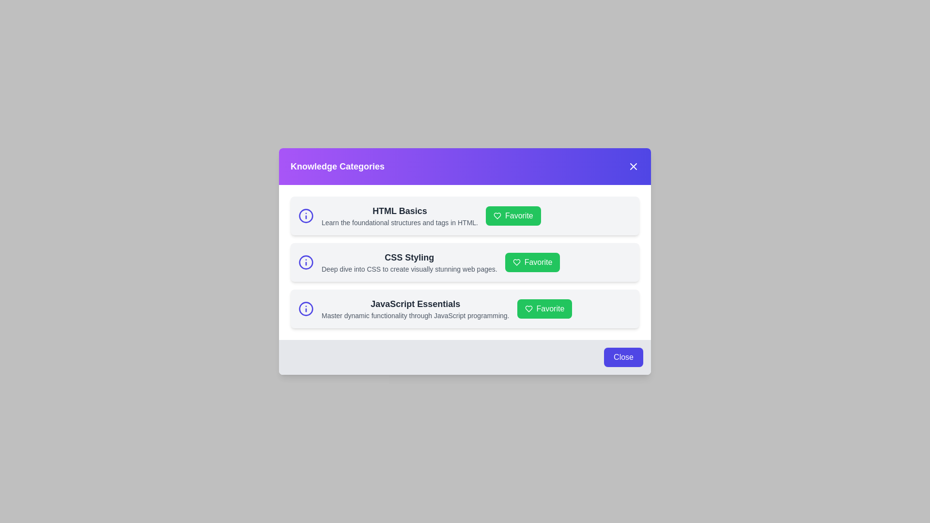 The image size is (930, 523). I want to click on the Interactive card titled 'HTML Basics' with a description 'Learn the foundational structures and tags in HTML.', so click(465, 215).